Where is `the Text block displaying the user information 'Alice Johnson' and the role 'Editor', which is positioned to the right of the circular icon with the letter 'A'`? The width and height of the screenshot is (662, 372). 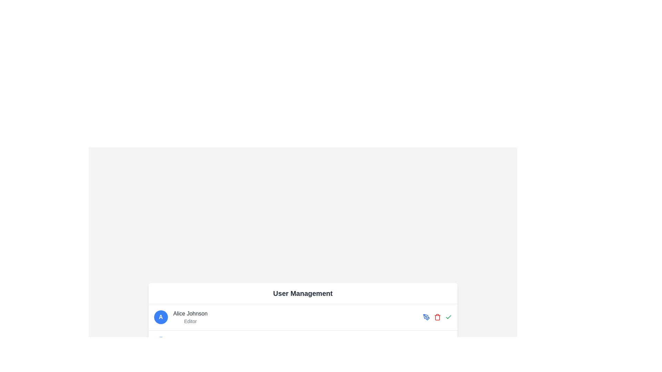
the Text block displaying the user information 'Alice Johnson' and the role 'Editor', which is positioned to the right of the circular icon with the letter 'A' is located at coordinates (190, 317).